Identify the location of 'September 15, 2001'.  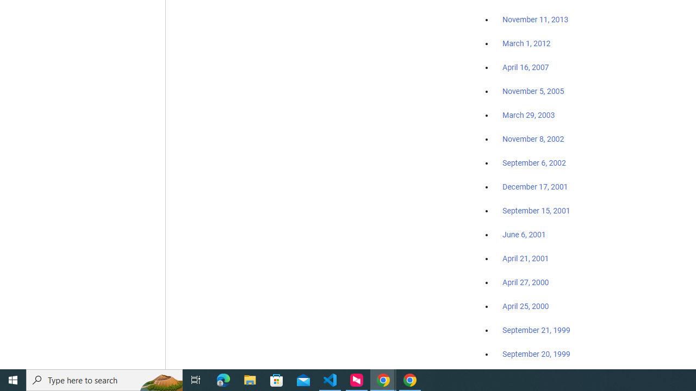
(536, 210).